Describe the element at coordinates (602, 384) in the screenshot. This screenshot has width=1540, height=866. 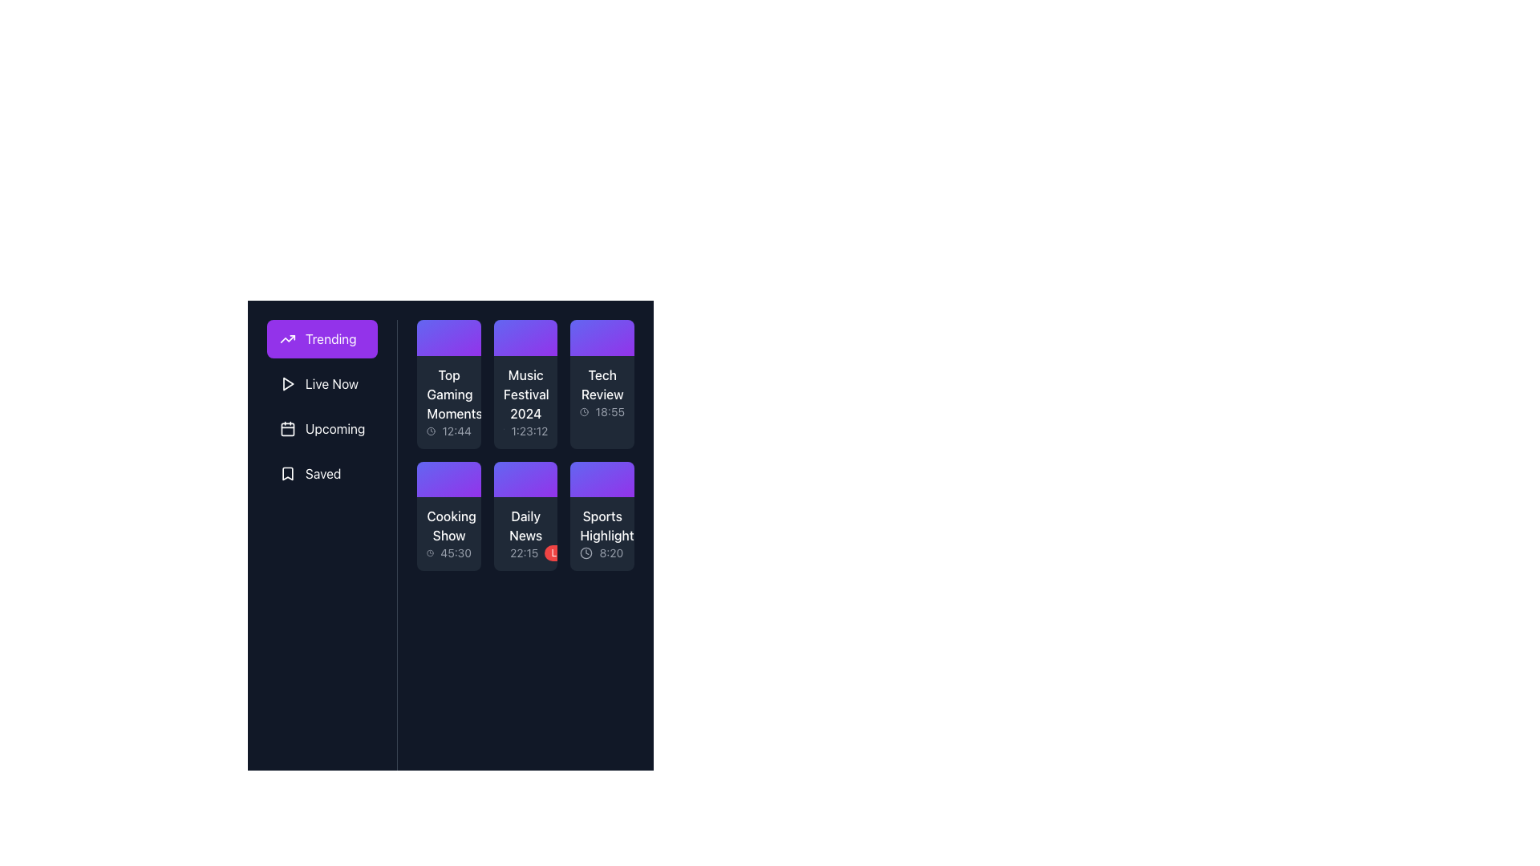
I see `the 'Tech Review' button, which is a rectangular card with a dark background and features a gradient from indigo to purple, white text 'Tech Review', and a smaller gray text '18:55' with a clock icon, located in the top-right corner of the grid layout` at that location.